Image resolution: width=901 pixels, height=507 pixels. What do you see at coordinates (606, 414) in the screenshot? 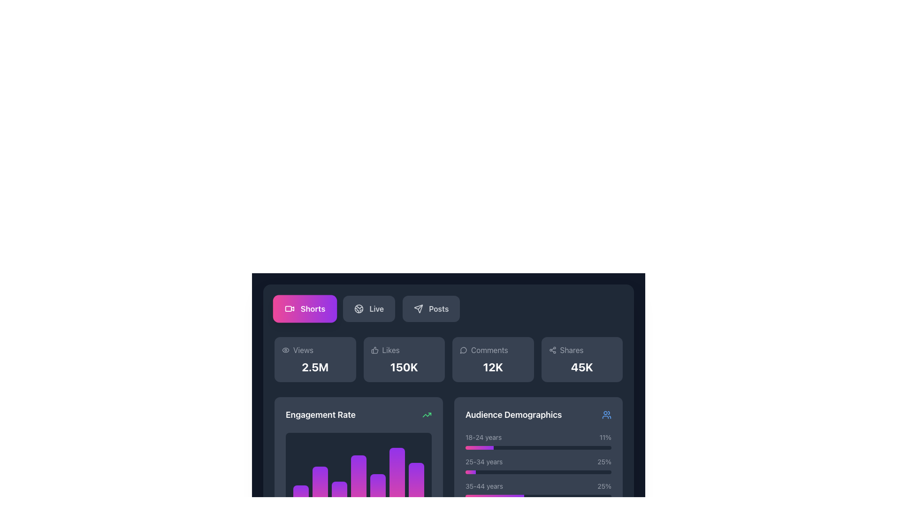
I see `the compact icon depicting the outline of a group of individuals, located` at bounding box center [606, 414].